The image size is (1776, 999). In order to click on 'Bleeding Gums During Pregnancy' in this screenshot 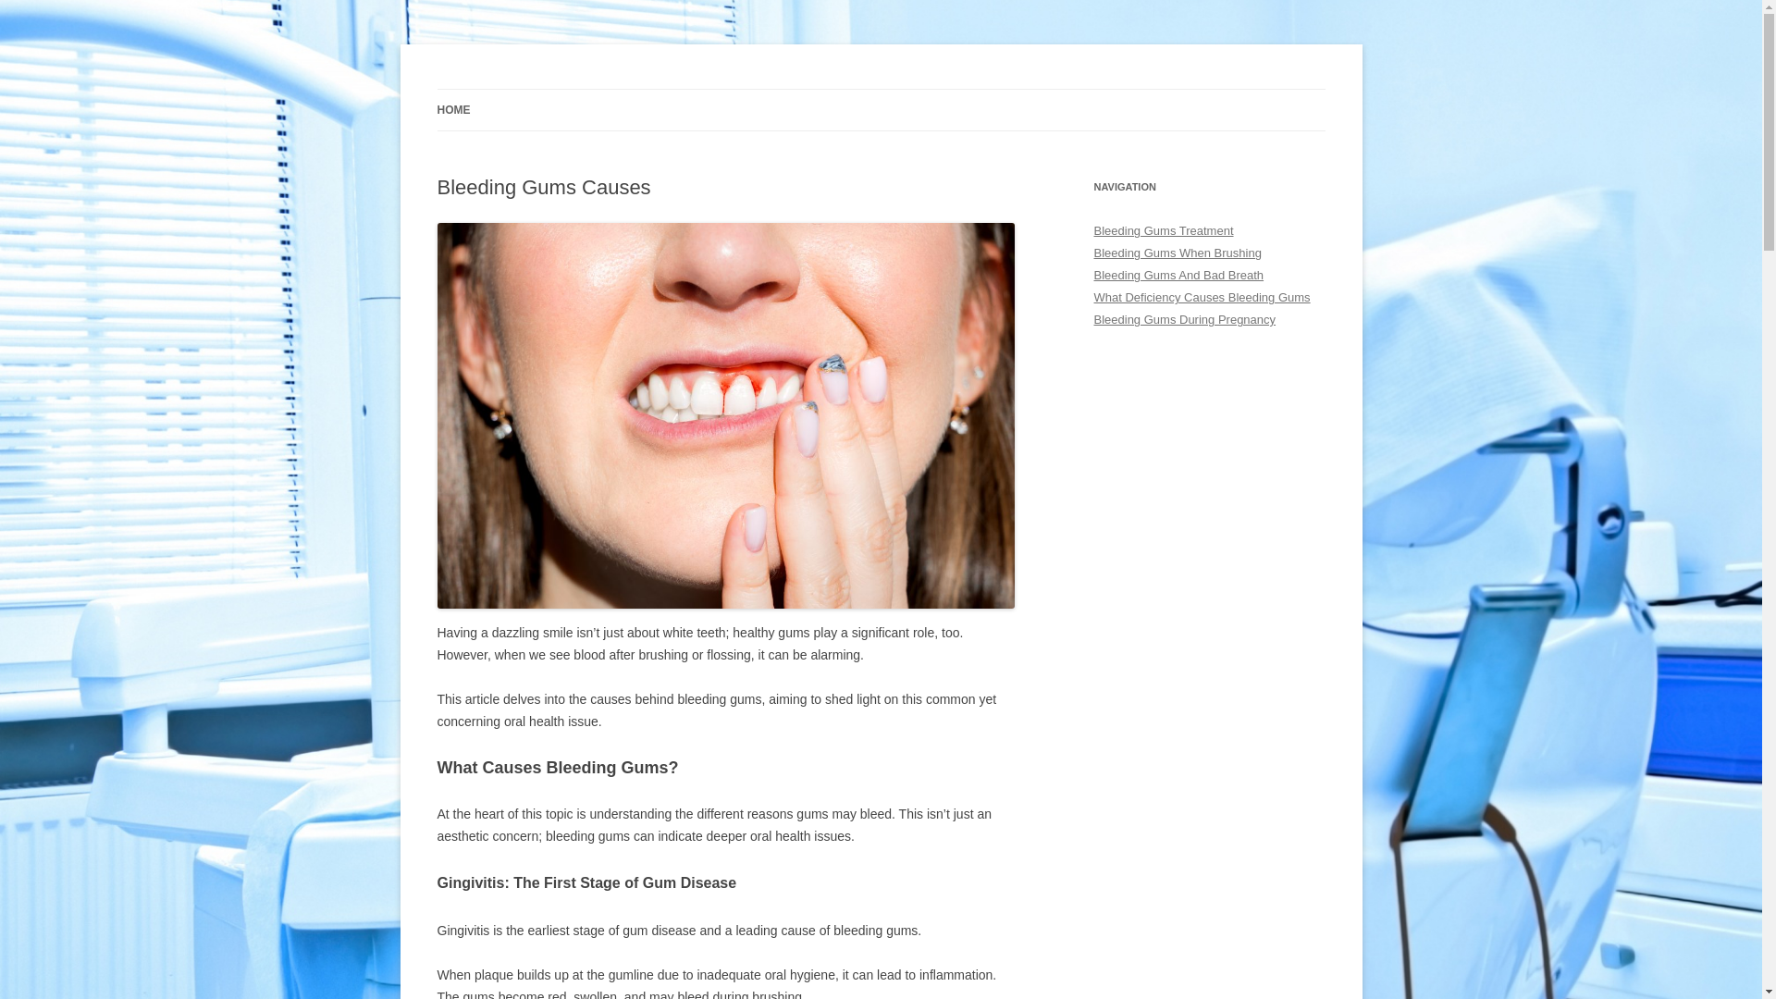, I will do `click(1184, 318)`.